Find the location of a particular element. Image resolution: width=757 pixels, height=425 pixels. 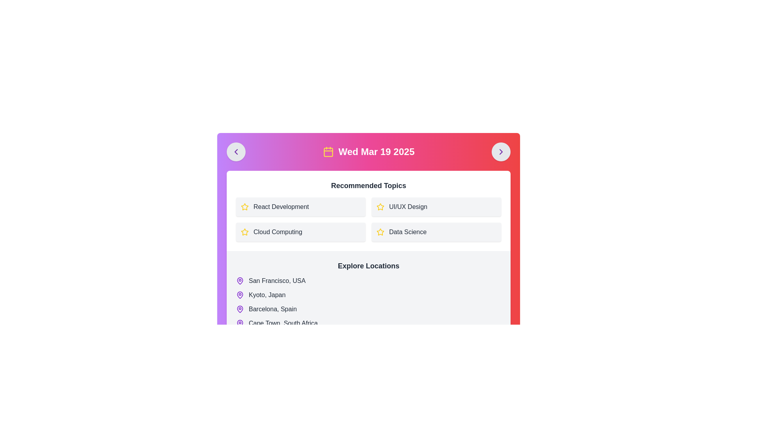

the purple right-pointing chevron icon inside the gray circular button located at the top-right corner of the layout is located at coordinates (501, 152).